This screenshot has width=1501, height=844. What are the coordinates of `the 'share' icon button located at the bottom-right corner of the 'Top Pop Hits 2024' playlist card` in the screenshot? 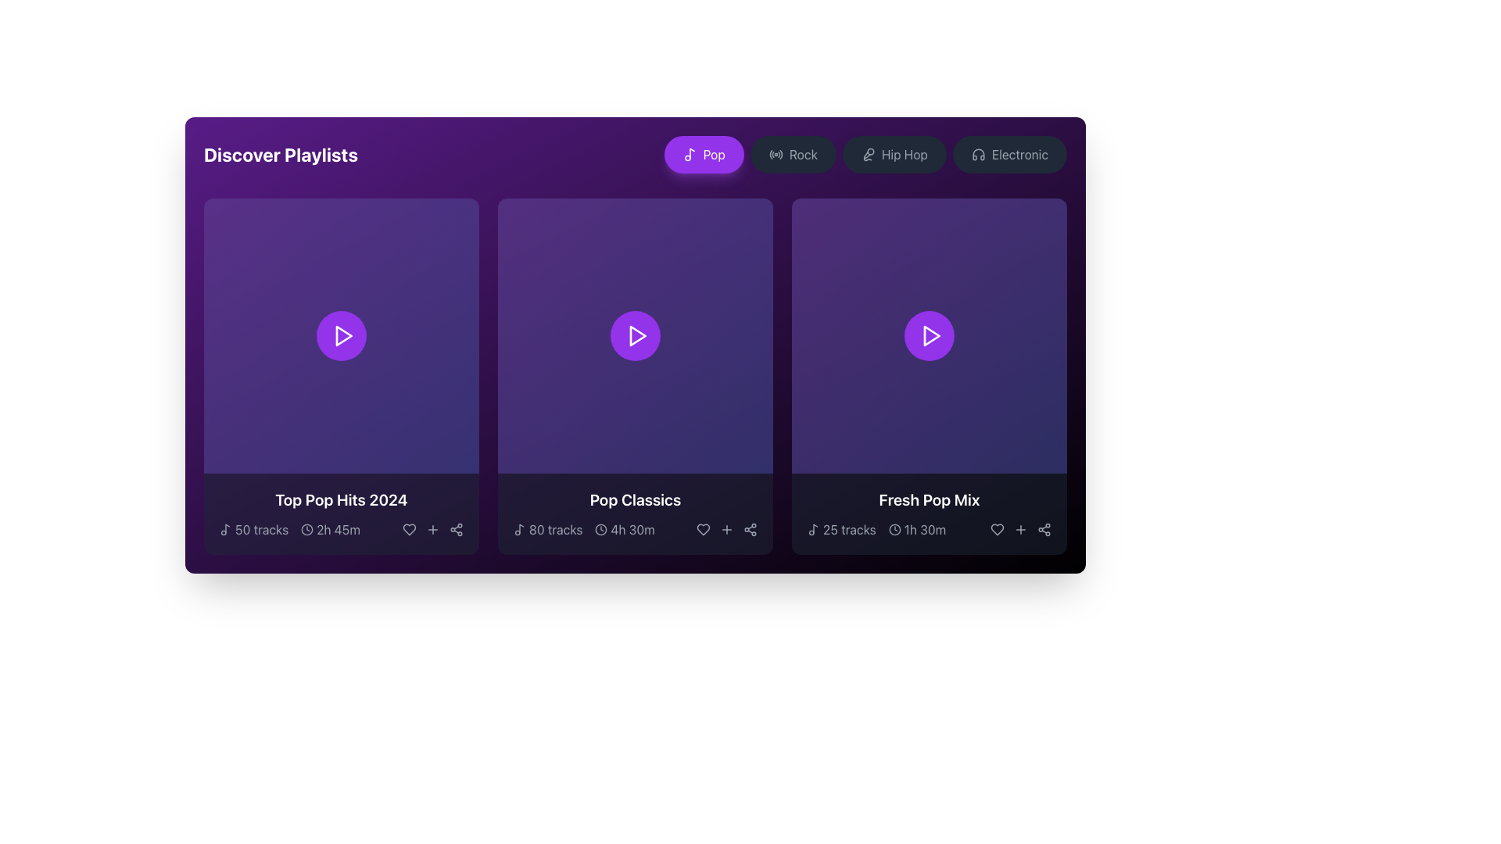 It's located at (456, 529).